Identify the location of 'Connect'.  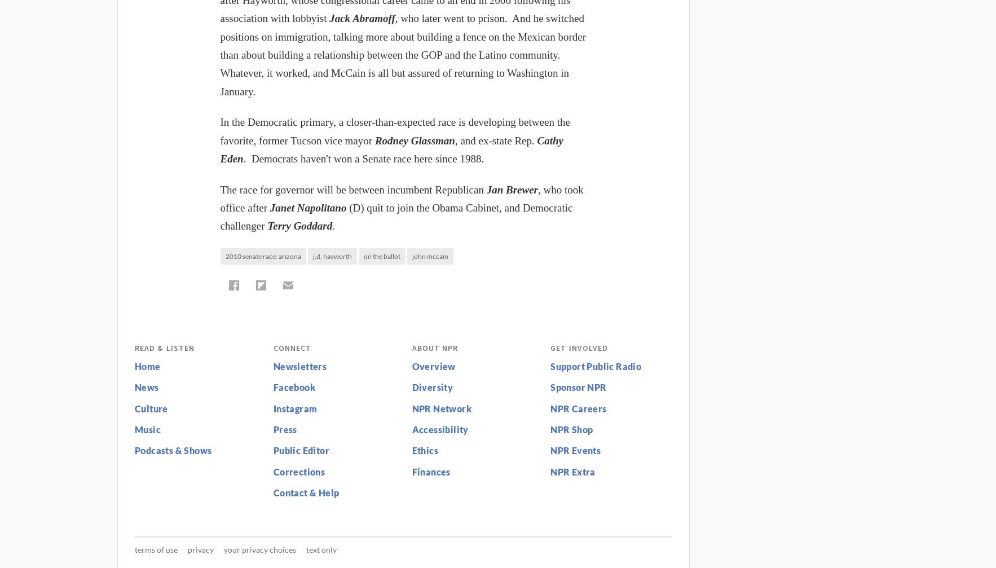
(292, 346).